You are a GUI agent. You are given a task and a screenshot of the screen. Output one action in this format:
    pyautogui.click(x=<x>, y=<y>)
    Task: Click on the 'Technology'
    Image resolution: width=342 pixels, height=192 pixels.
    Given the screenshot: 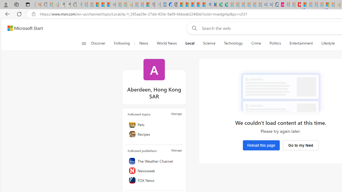 What is the action you would take?
    pyautogui.click(x=233, y=43)
    